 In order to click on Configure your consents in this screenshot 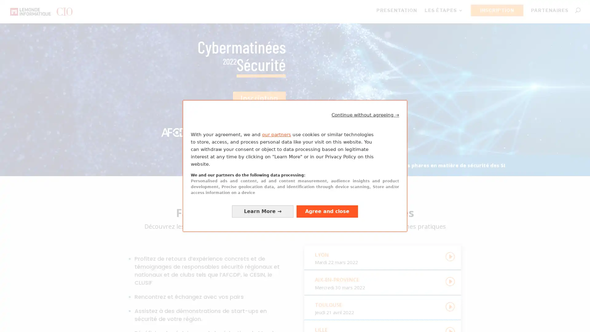, I will do `click(262, 211)`.